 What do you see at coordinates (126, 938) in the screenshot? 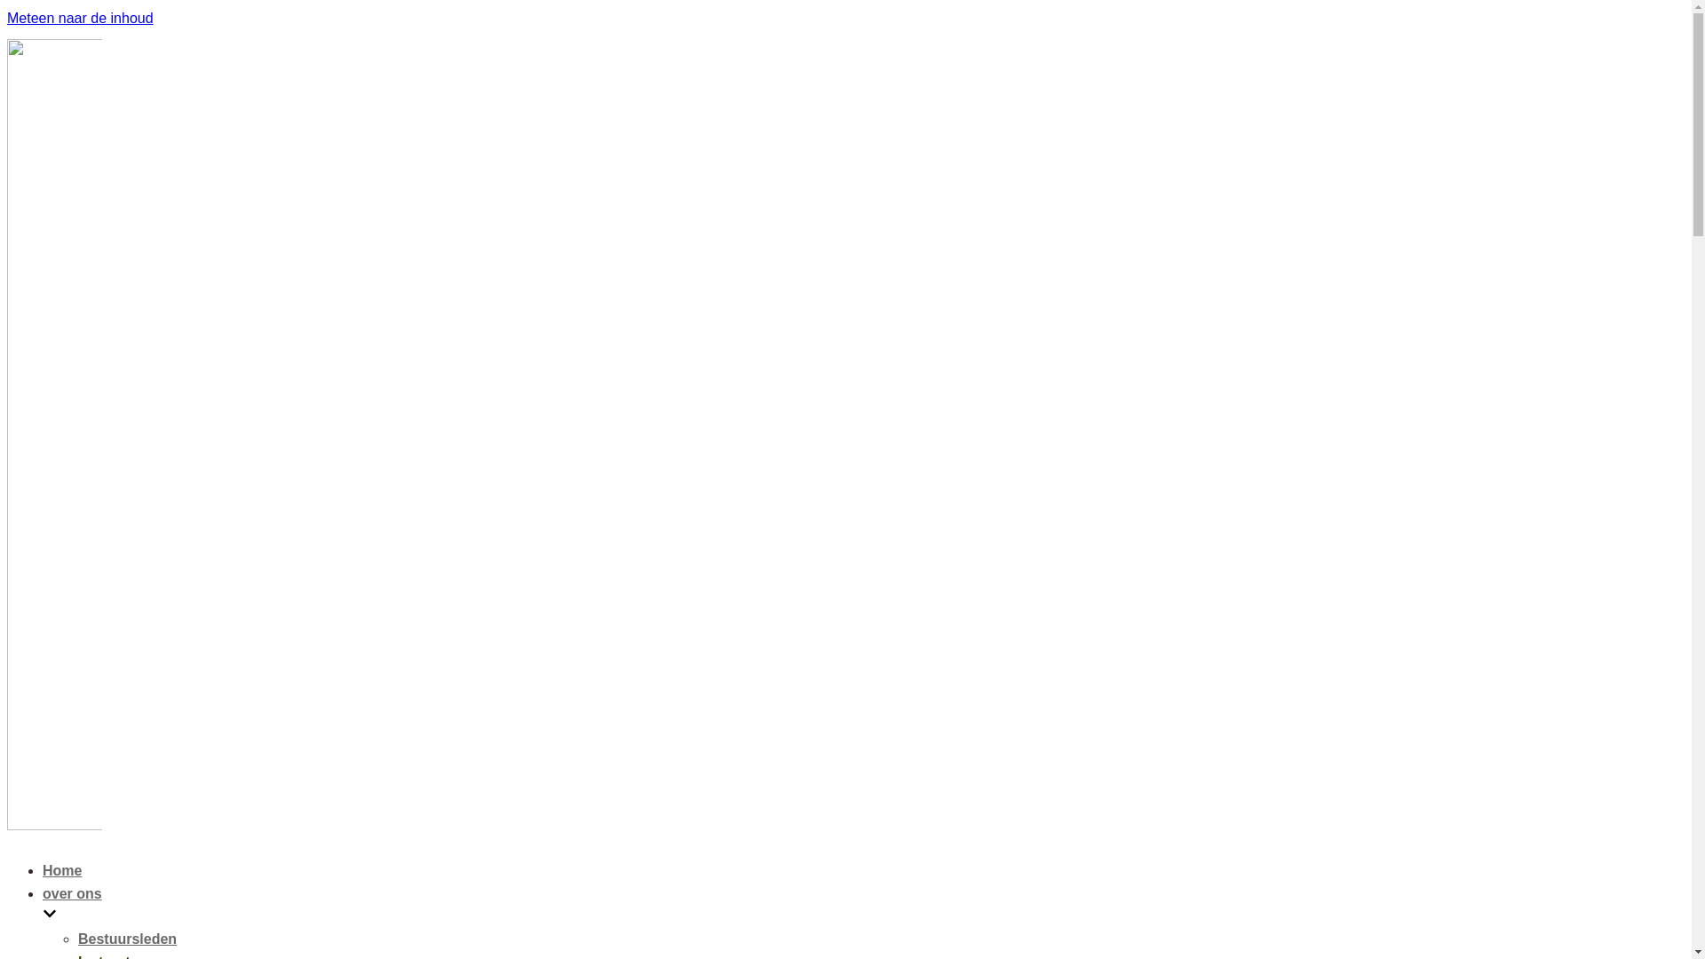
I see `'Bestuursleden'` at bounding box center [126, 938].